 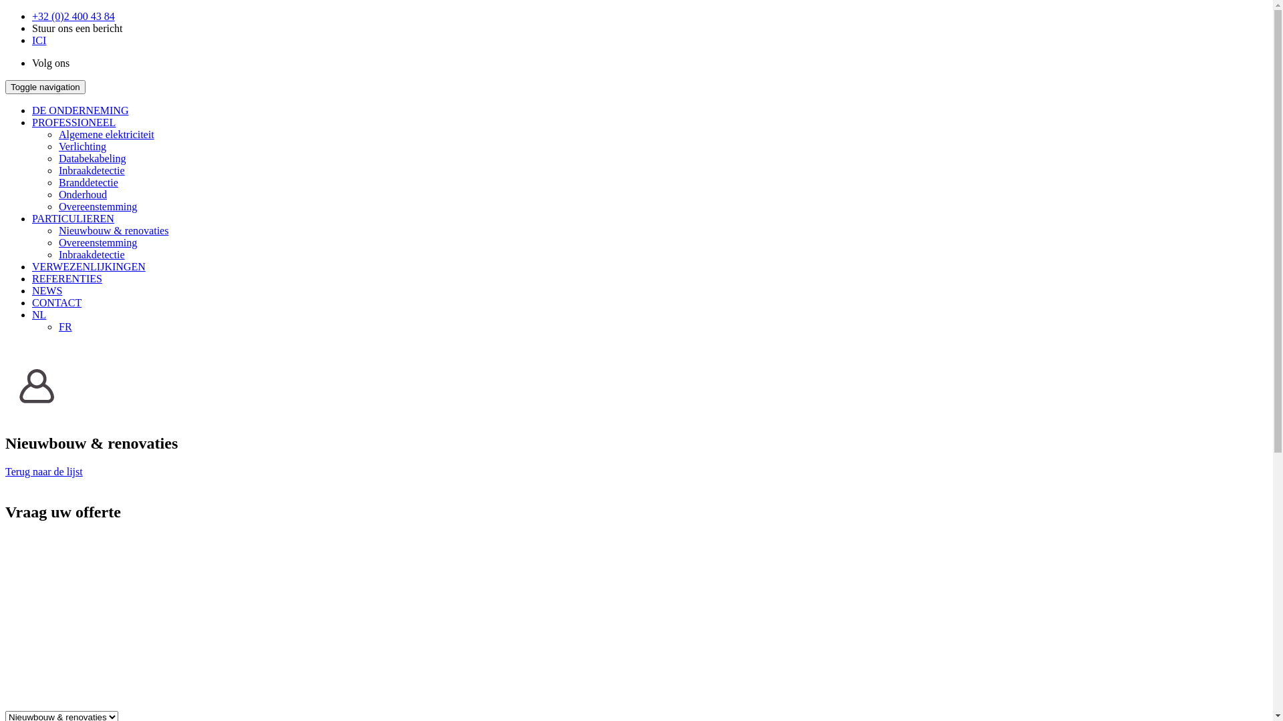 What do you see at coordinates (92, 158) in the screenshot?
I see `'Databekabeling'` at bounding box center [92, 158].